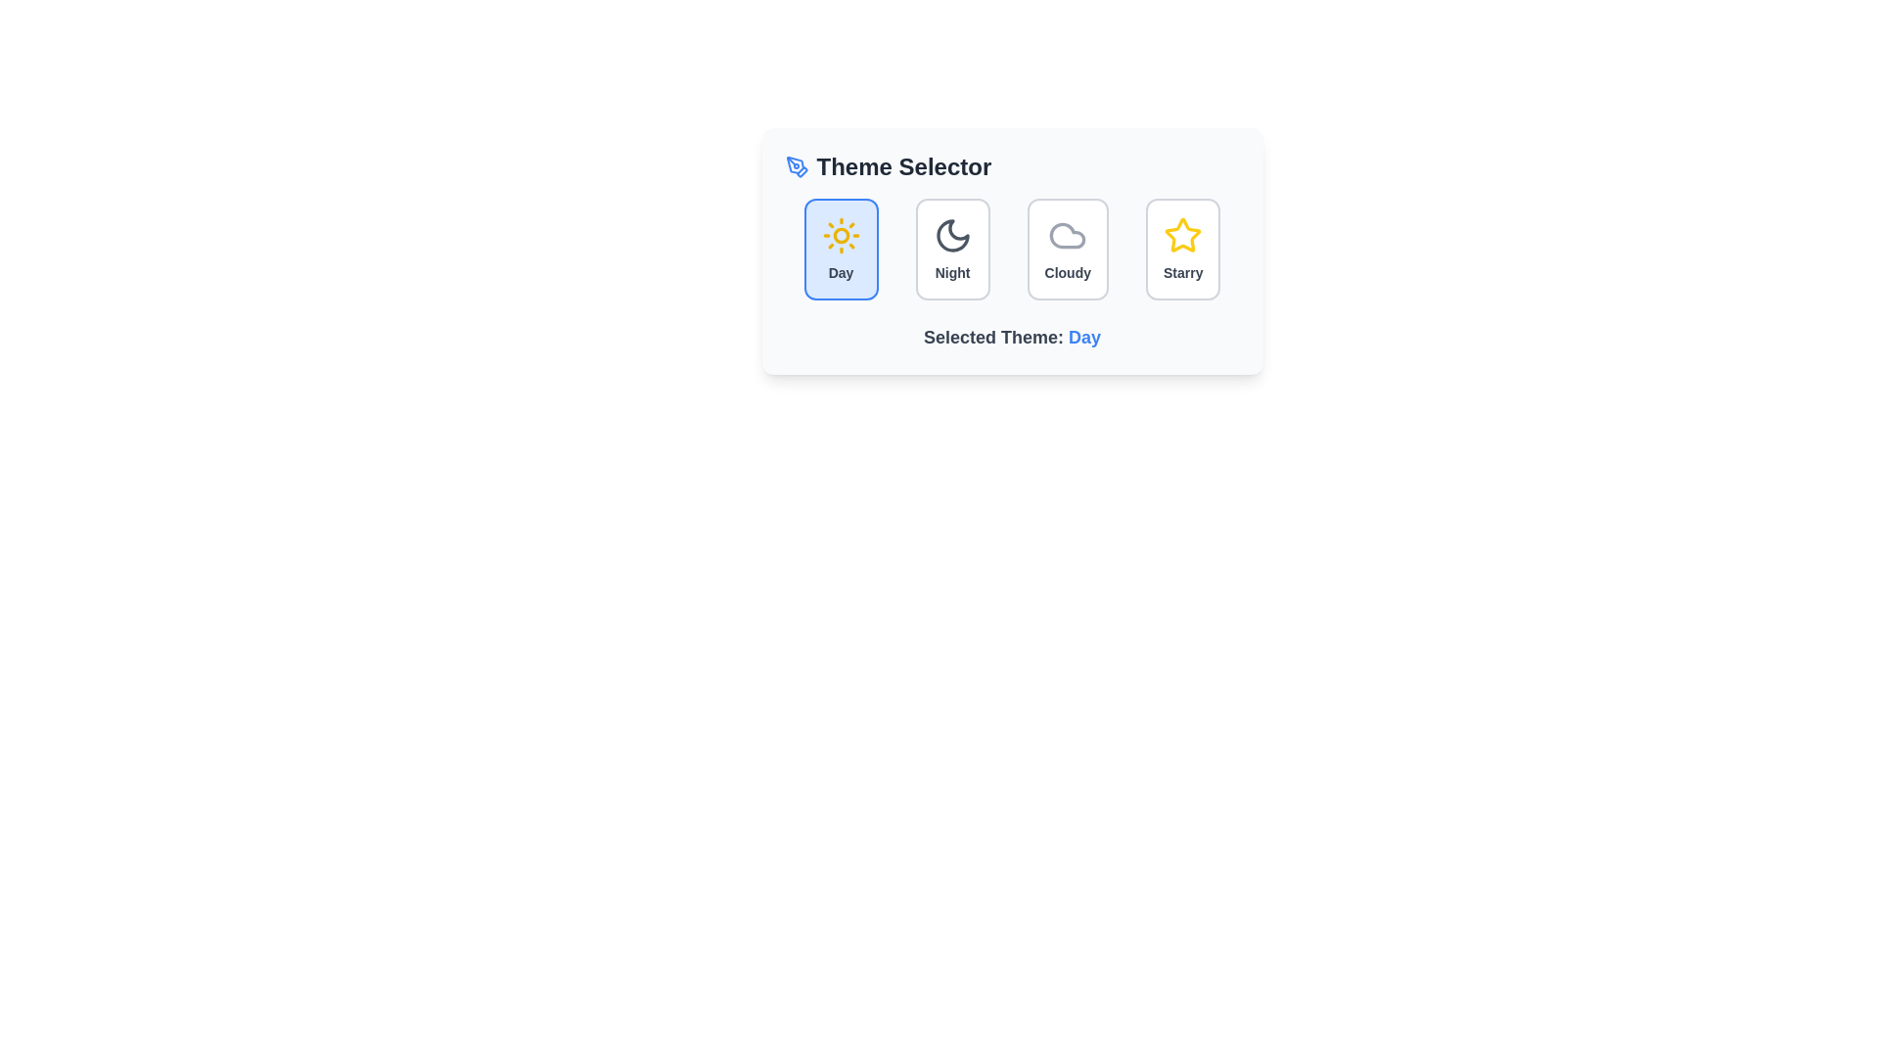  Describe the element at coordinates (1182, 234) in the screenshot. I see `the fourth icon in the 'Theme Selector' interface` at that location.